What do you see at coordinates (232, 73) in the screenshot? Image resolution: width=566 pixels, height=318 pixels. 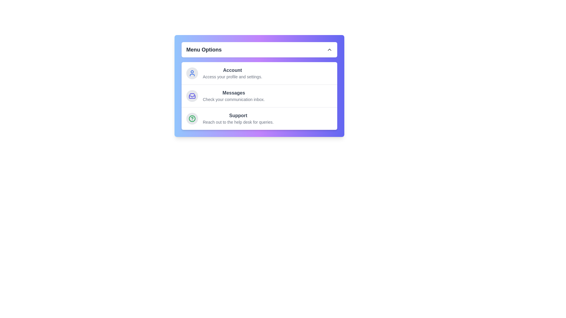 I see `the 'Account' menu item to access its details` at bounding box center [232, 73].